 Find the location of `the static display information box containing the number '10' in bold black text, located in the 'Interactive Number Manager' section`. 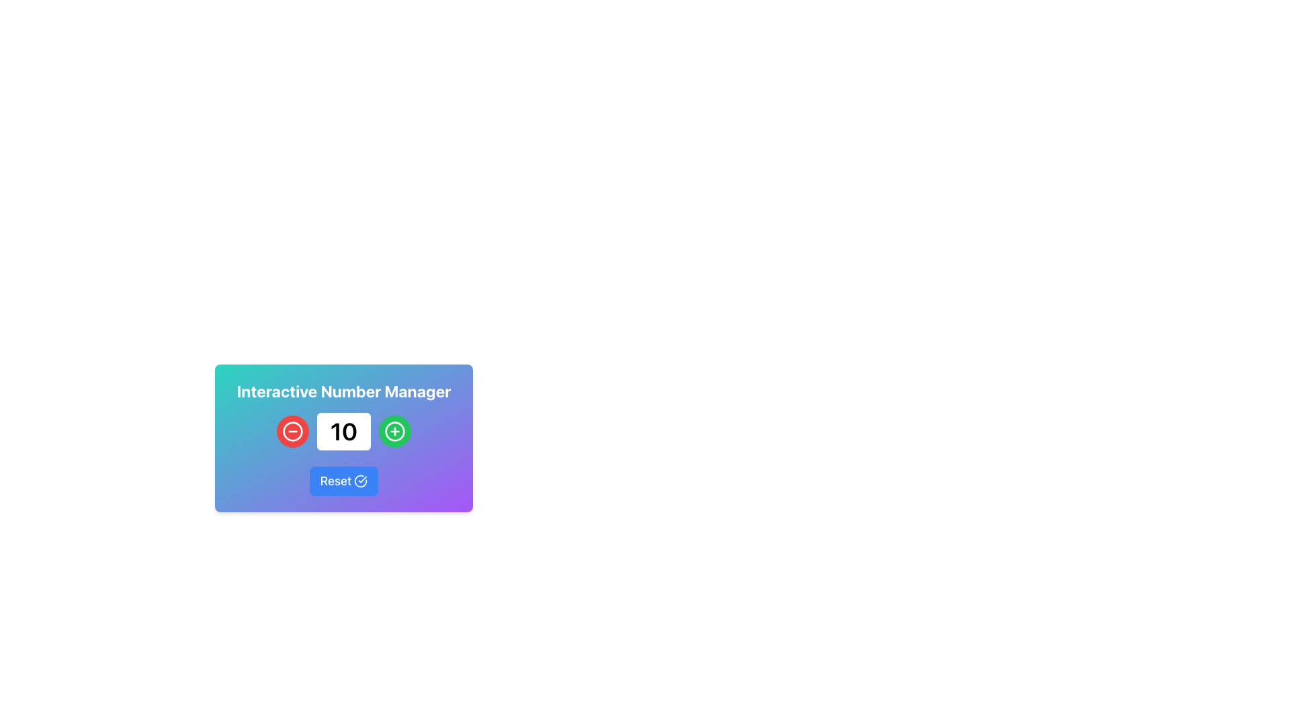

the static display information box containing the number '10' in bold black text, located in the 'Interactive Number Manager' section is located at coordinates (344, 432).